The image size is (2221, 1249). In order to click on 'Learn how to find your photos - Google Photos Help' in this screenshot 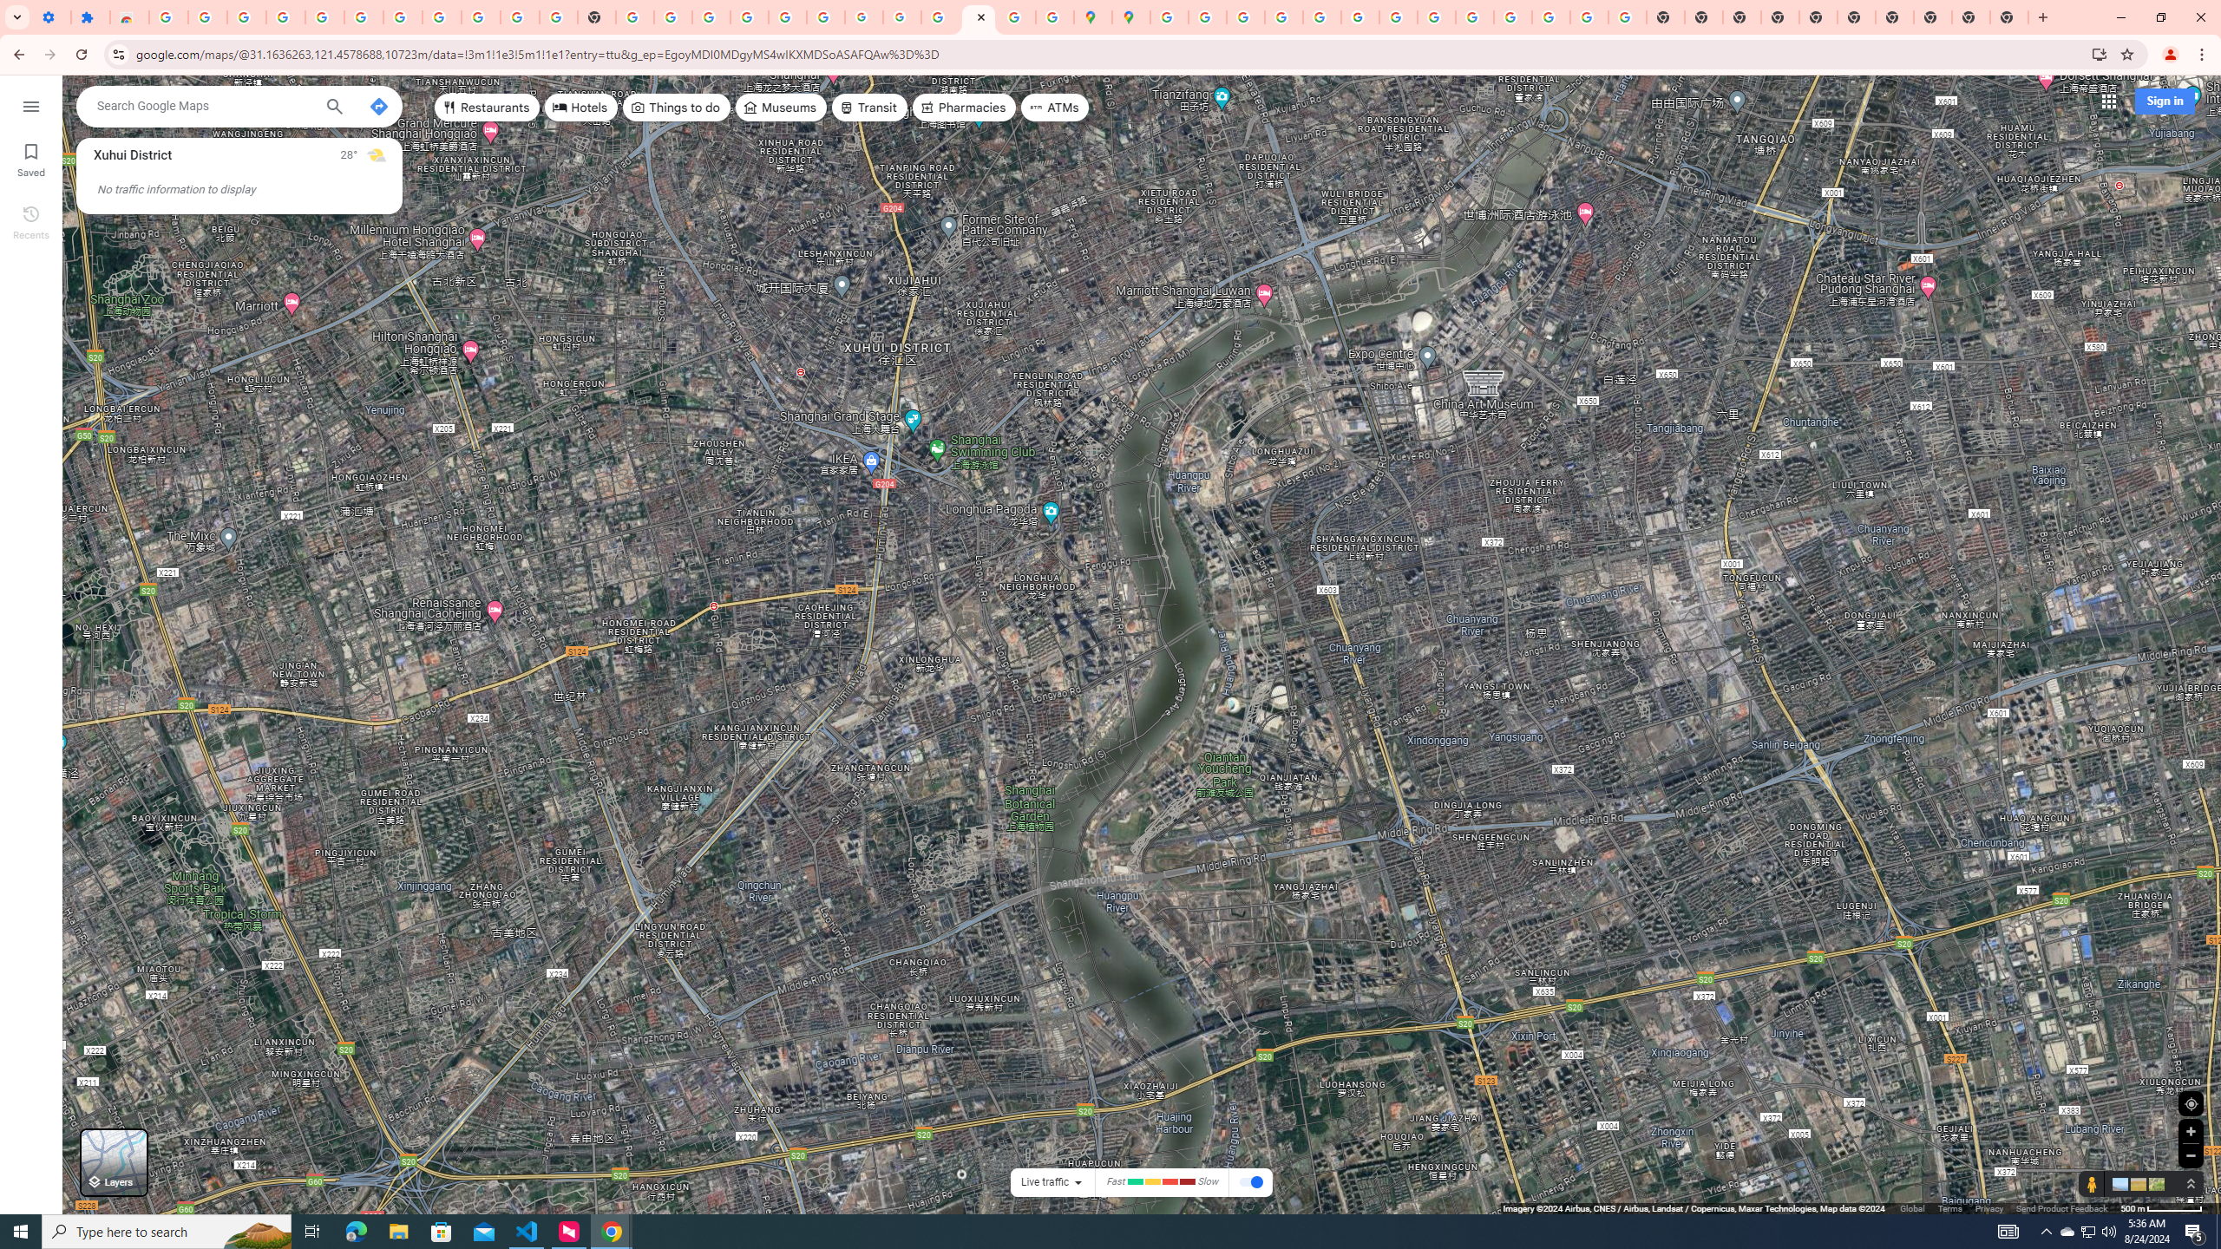, I will do `click(325, 16)`.